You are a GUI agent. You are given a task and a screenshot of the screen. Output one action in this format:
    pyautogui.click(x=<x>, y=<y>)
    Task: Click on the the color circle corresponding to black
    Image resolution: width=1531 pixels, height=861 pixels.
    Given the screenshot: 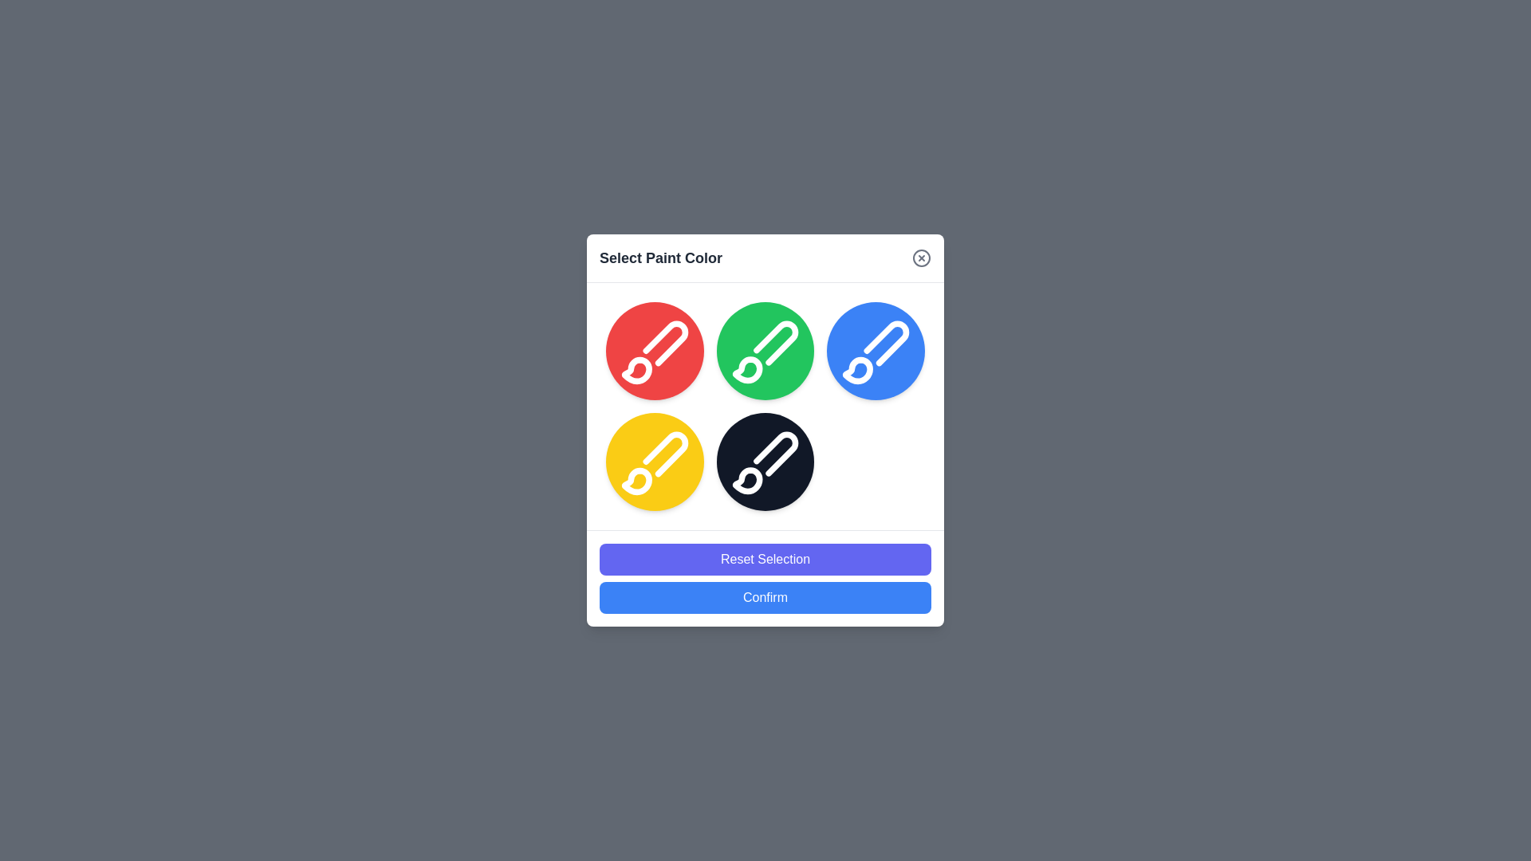 What is the action you would take?
    pyautogui.click(x=765, y=461)
    